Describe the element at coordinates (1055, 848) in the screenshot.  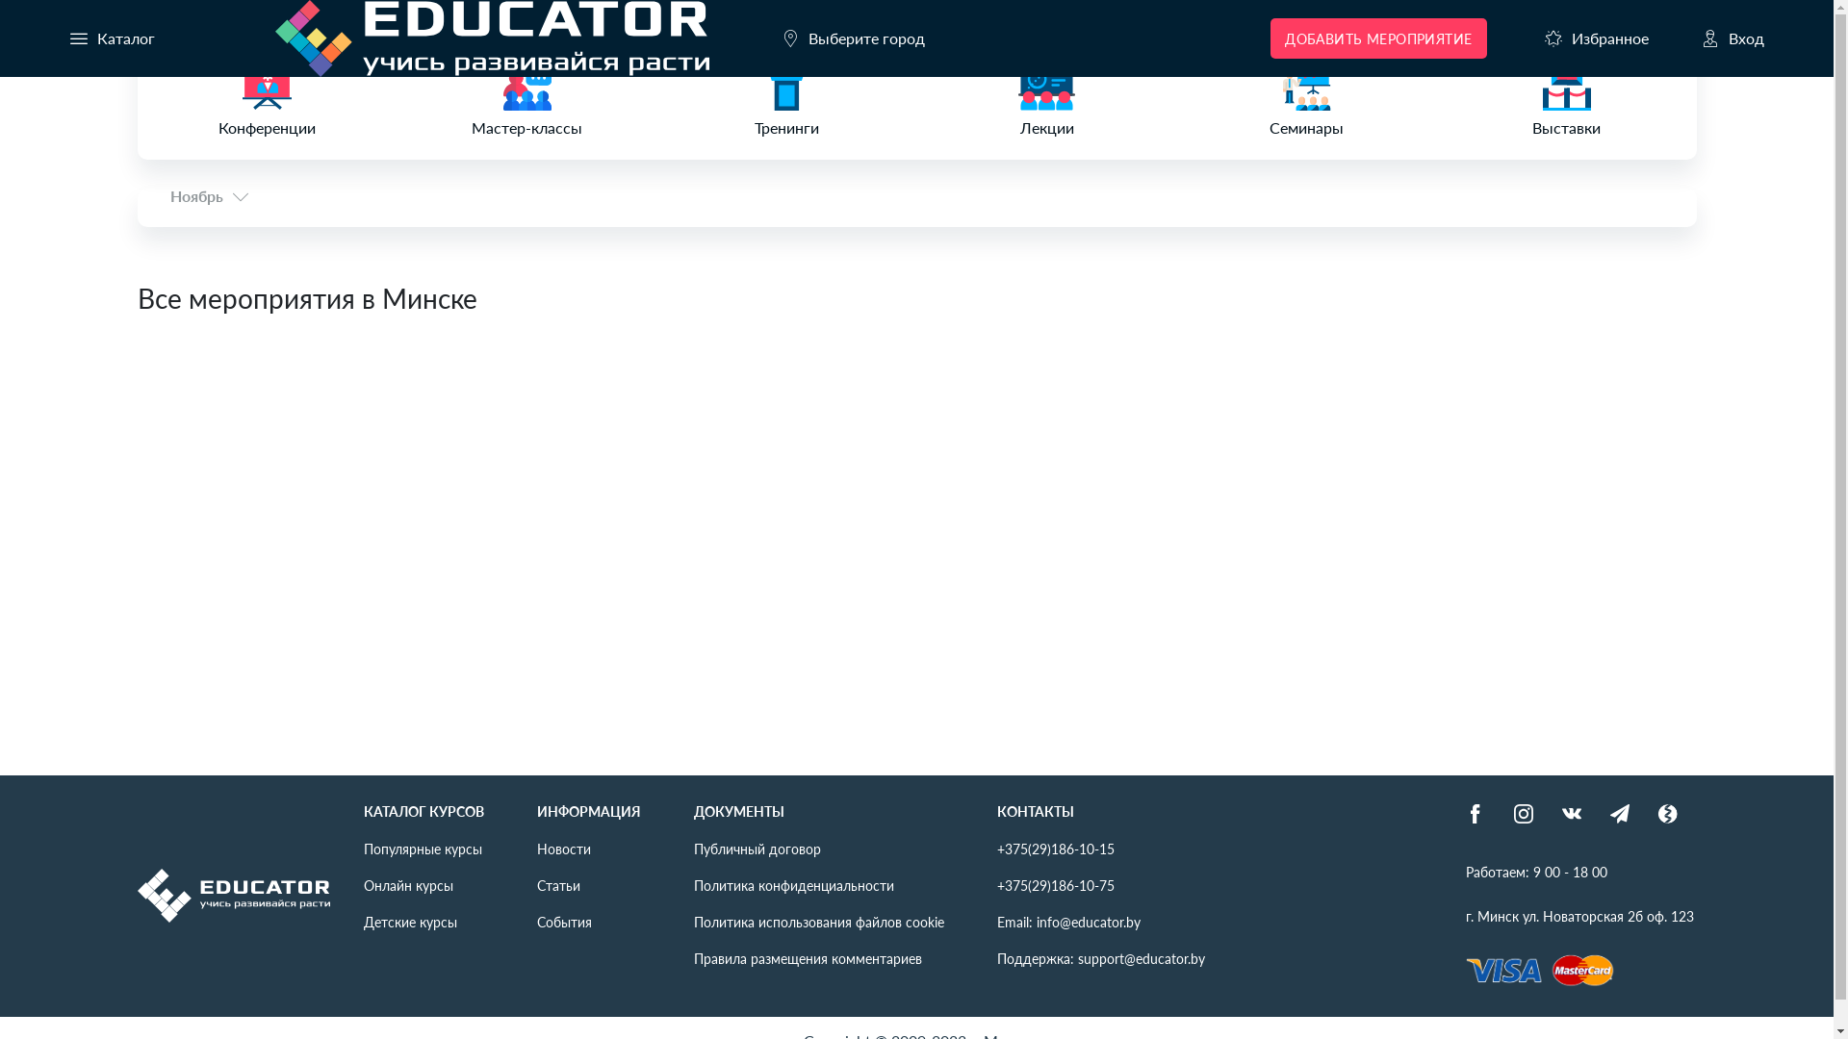
I see `'+375(29)186-10-15'` at that location.